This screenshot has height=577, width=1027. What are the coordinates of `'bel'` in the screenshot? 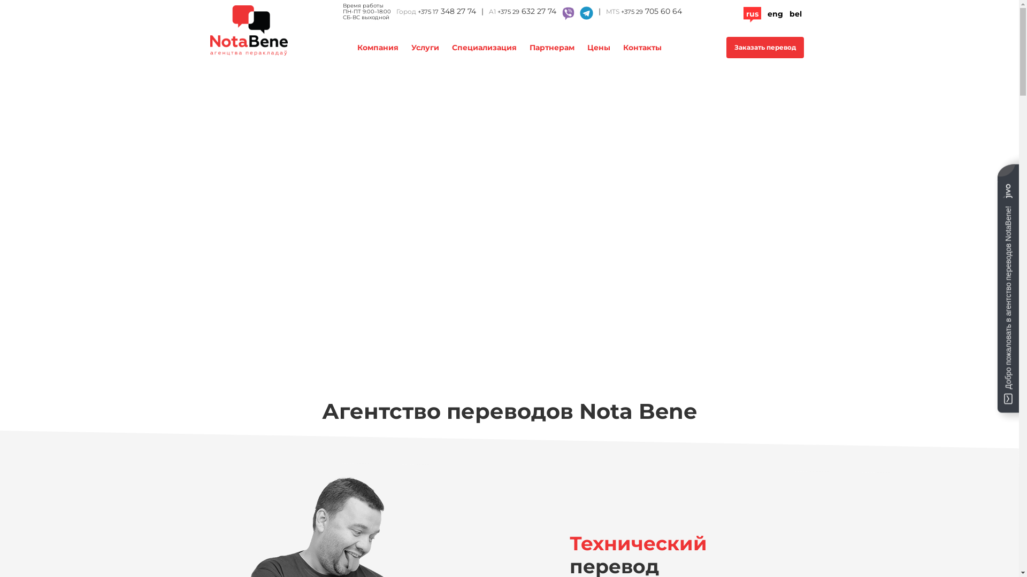 It's located at (795, 14).